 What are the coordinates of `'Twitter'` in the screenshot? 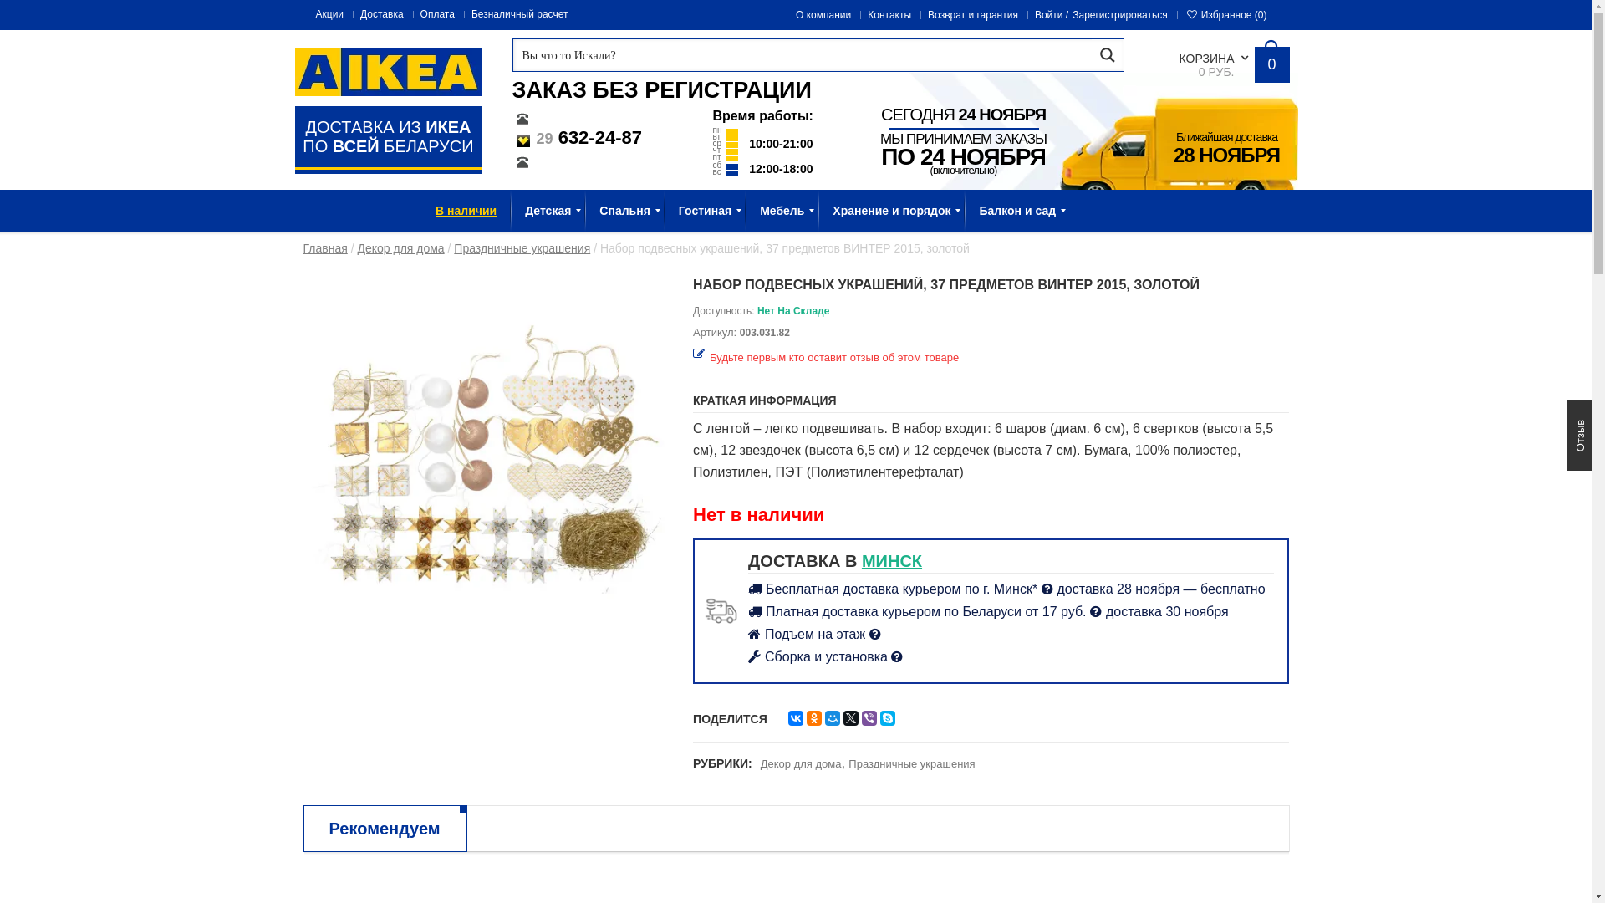 It's located at (850, 717).